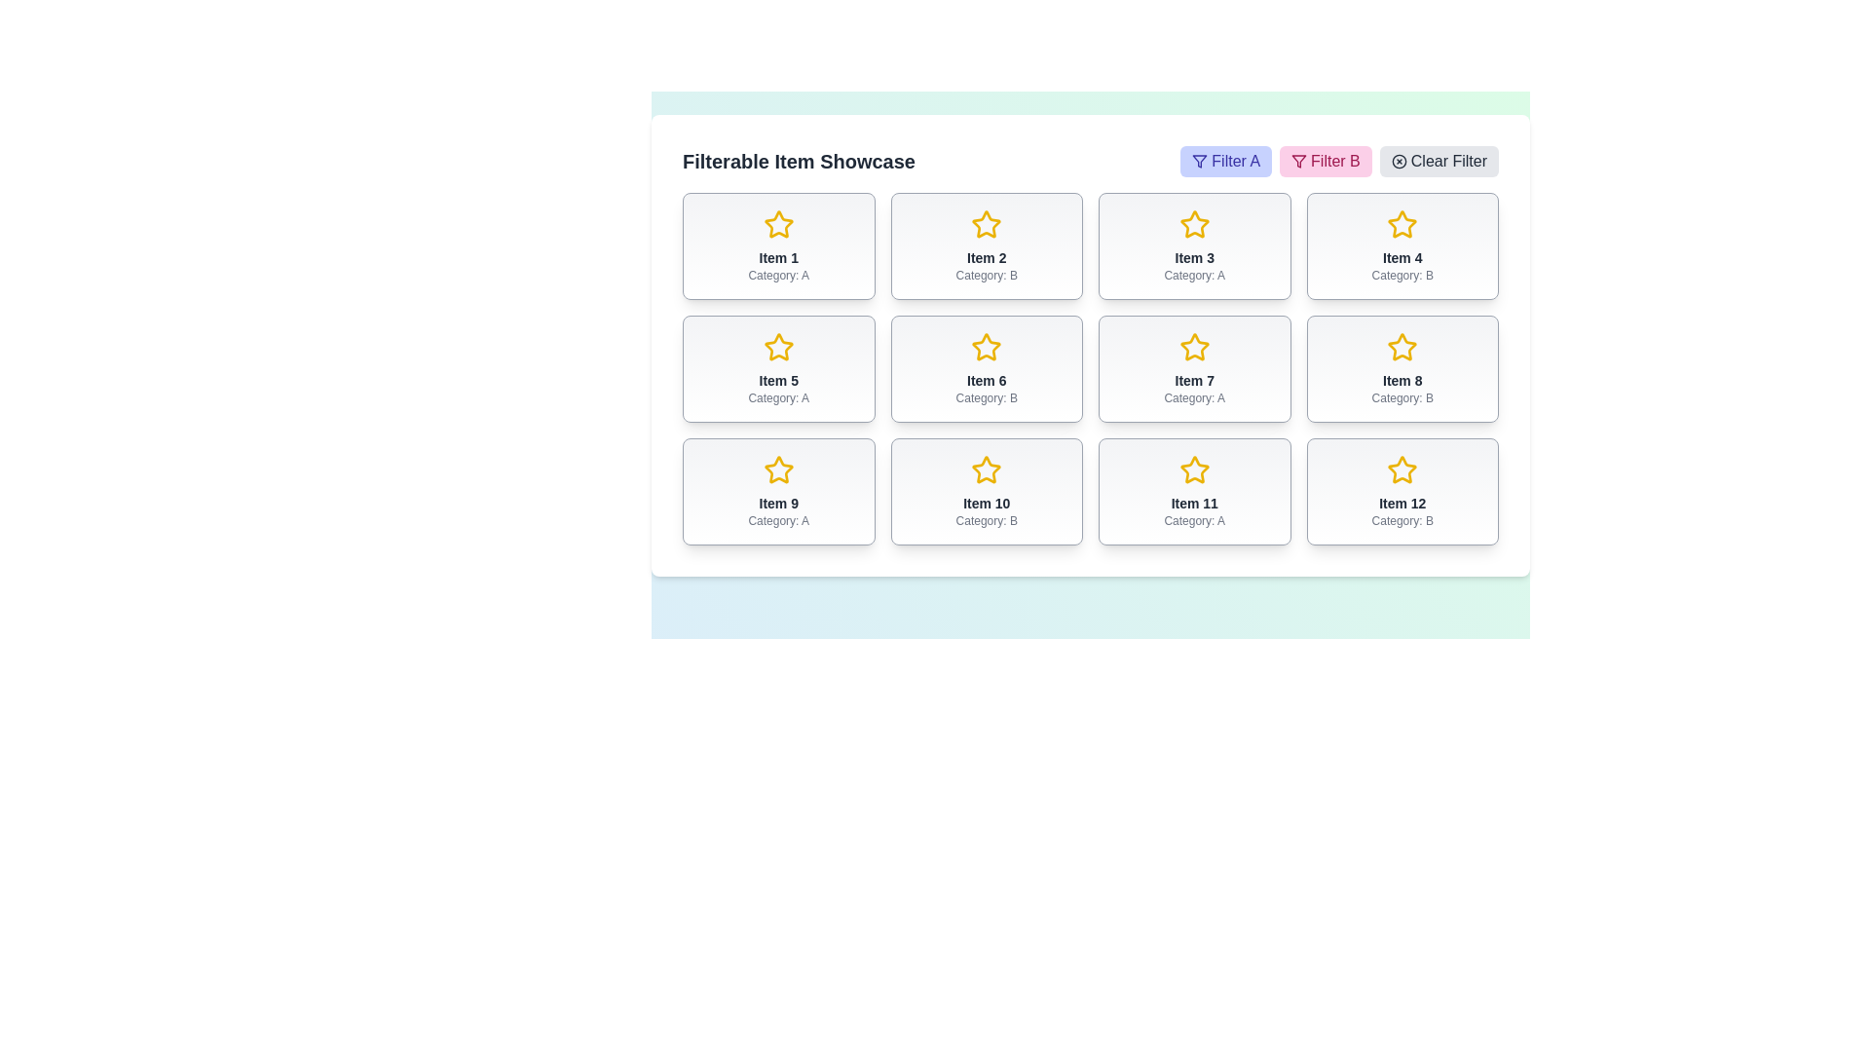 This screenshot has width=1870, height=1052. What do you see at coordinates (777, 223) in the screenshot?
I see `the star-shaped icon outlined in yellow within the card labeled 'Item 1' in the 'Filterable Item Showcase' section` at bounding box center [777, 223].